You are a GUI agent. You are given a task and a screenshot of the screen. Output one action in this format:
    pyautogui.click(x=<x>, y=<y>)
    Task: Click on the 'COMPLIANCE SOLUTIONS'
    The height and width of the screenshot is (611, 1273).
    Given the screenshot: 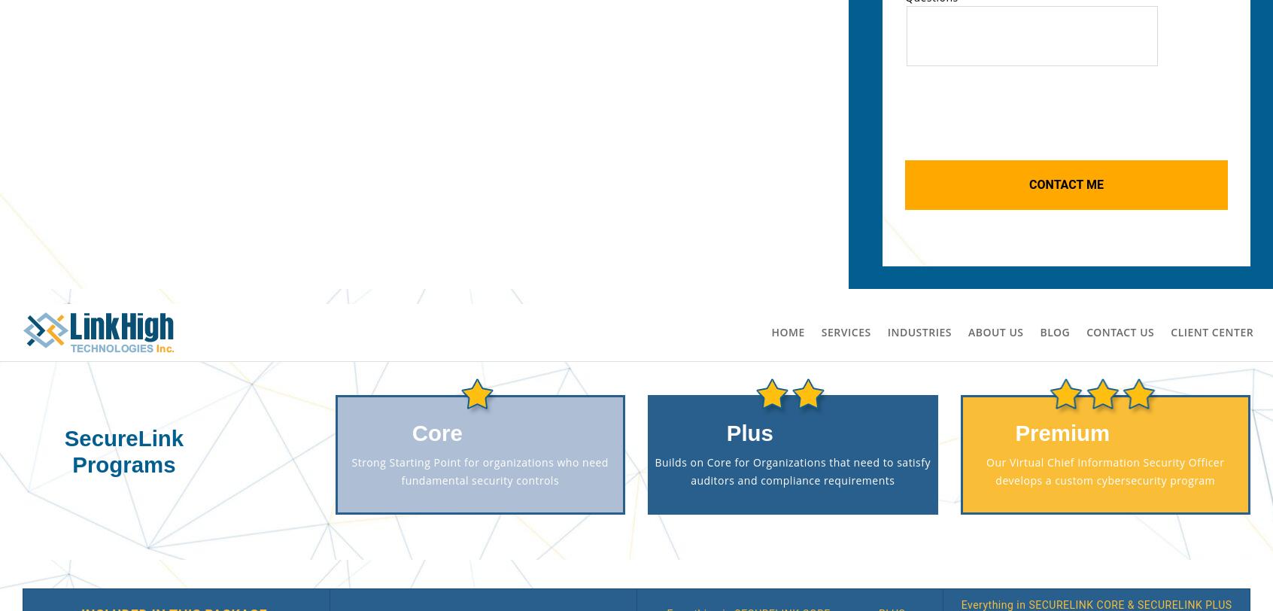 What is the action you would take?
    pyautogui.click(x=218, y=409)
    